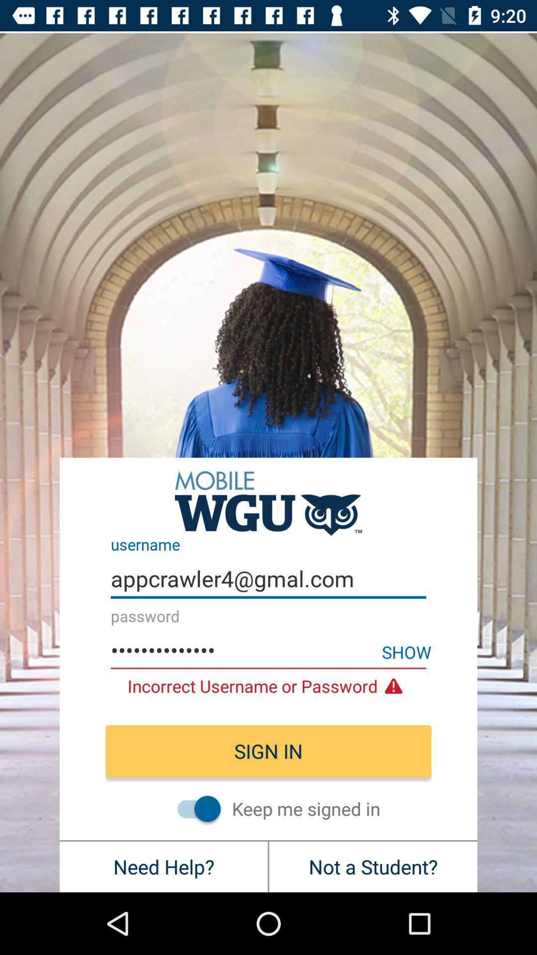  I want to click on the appcrawler4@gmal.com icon, so click(268, 578).